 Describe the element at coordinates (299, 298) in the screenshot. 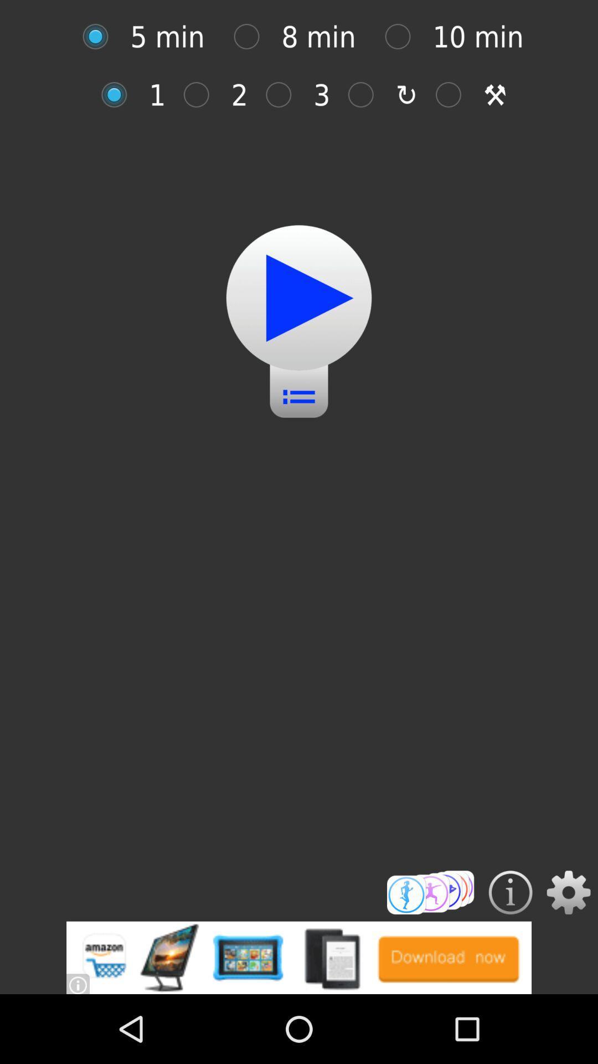

I see `start workout` at that location.